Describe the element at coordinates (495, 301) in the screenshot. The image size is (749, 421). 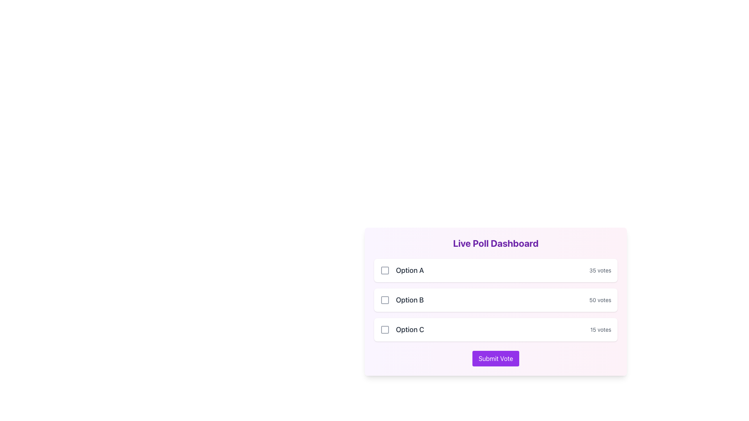
I see `the second voting option` at that location.